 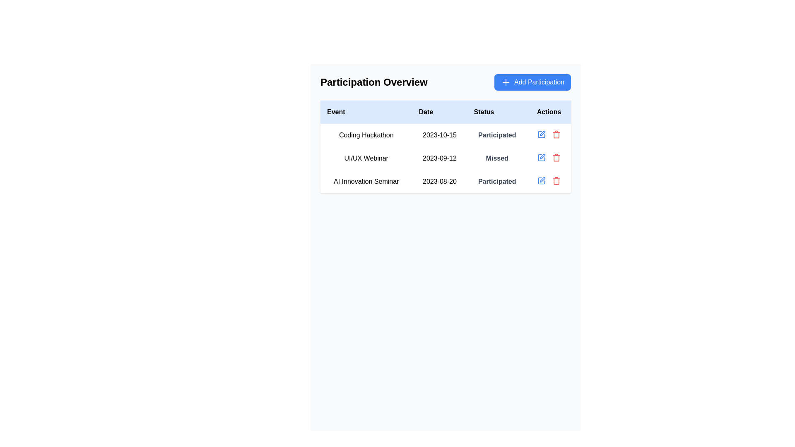 What do you see at coordinates (541, 134) in the screenshot?
I see `the blue pen icon button in the 'Actions' column of the second row of the table` at bounding box center [541, 134].